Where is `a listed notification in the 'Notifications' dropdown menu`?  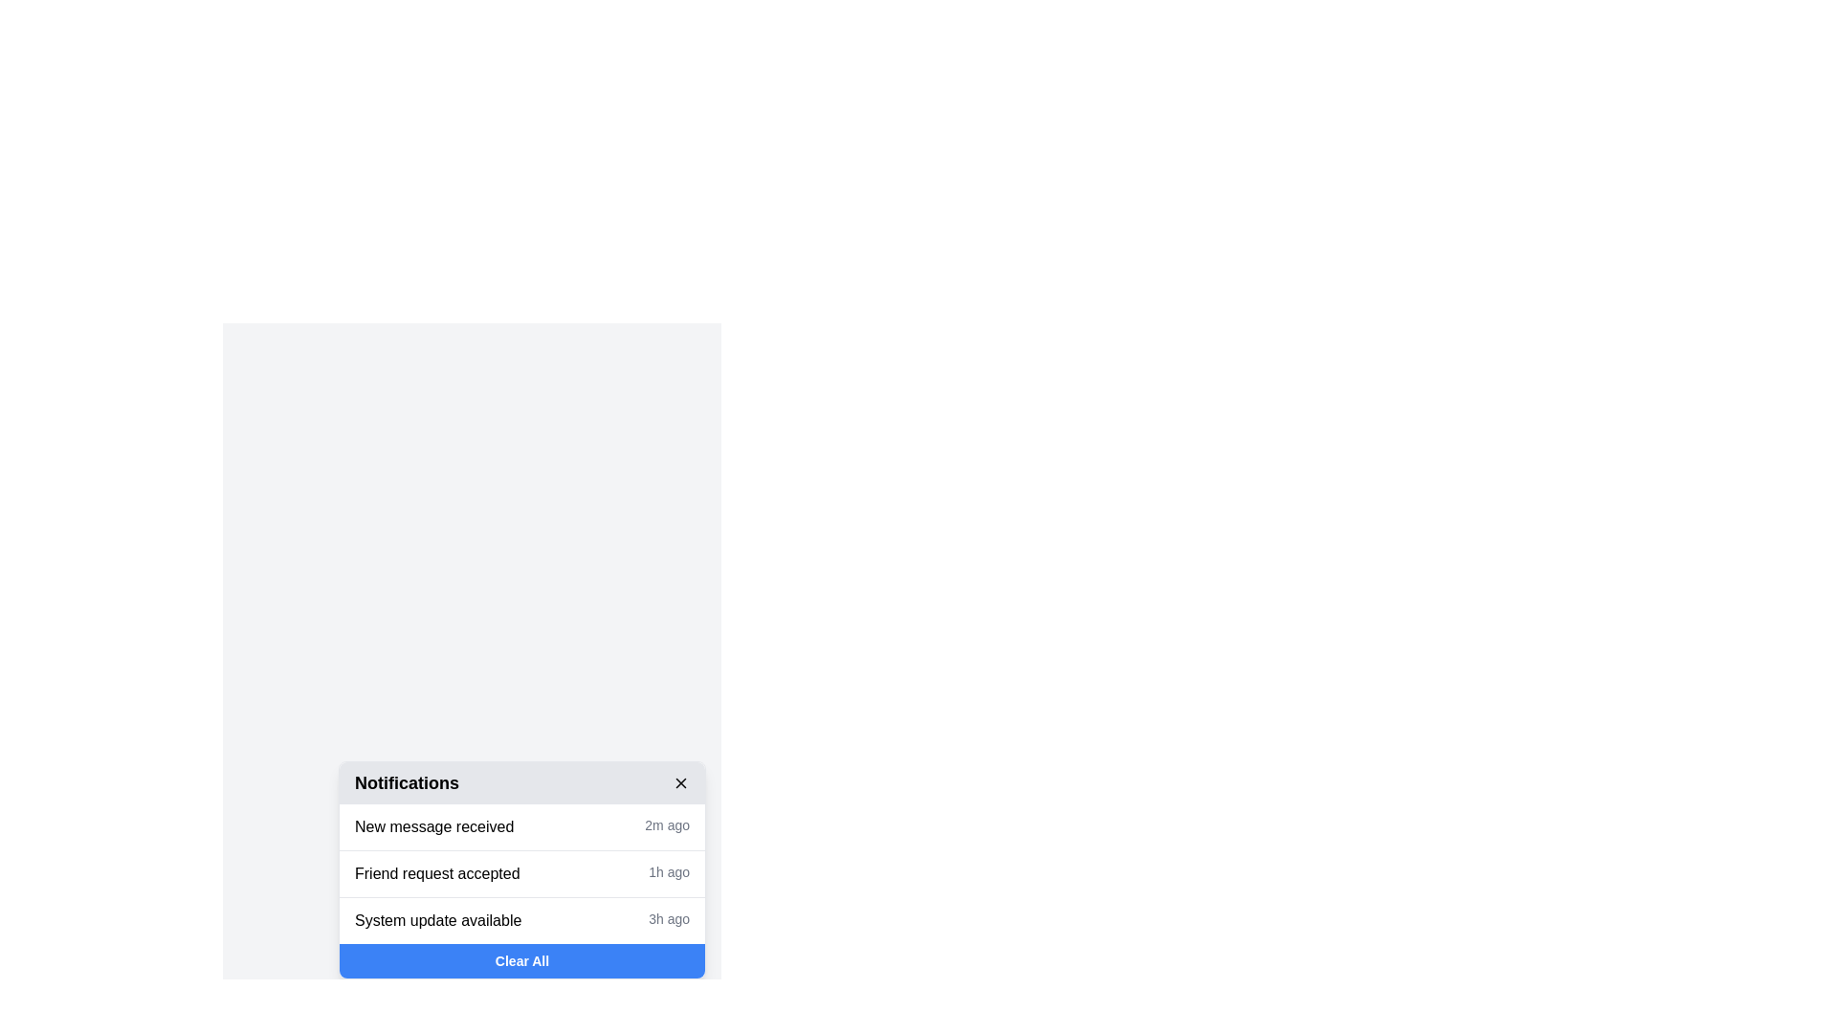 a listed notification in the 'Notifications' dropdown menu is located at coordinates (522, 870).